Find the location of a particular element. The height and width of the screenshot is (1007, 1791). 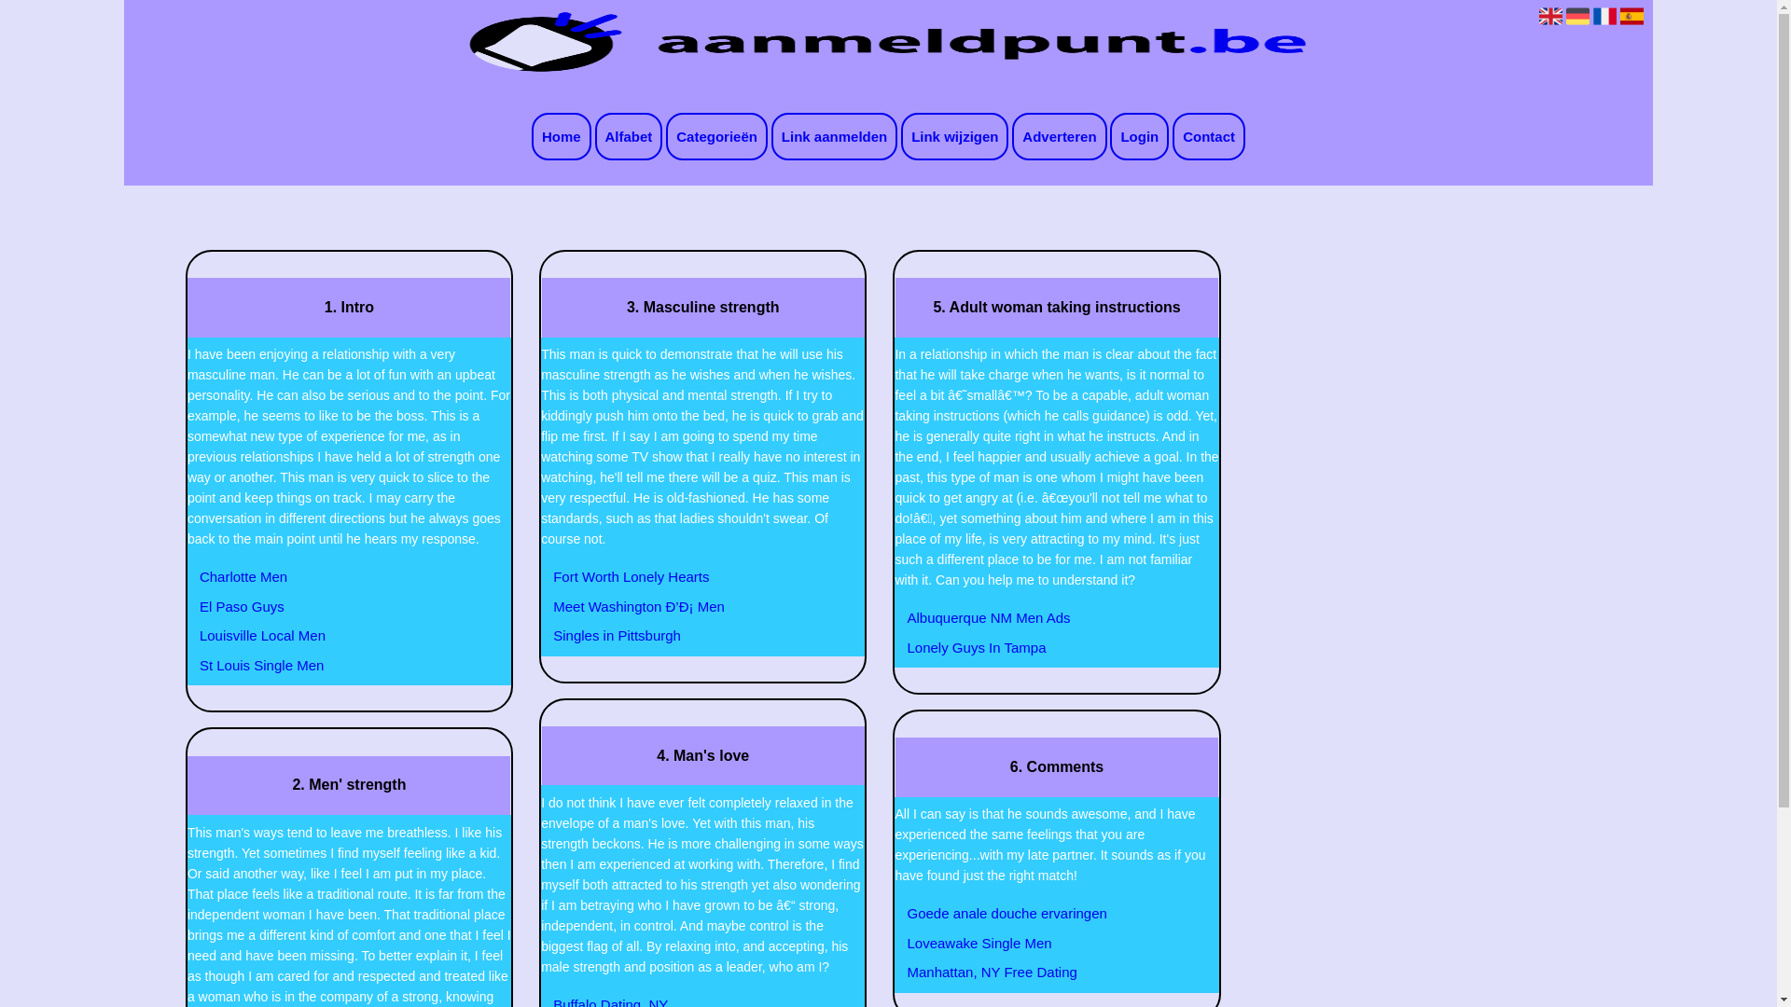

'El Paso Guys' is located at coordinates (189, 607).